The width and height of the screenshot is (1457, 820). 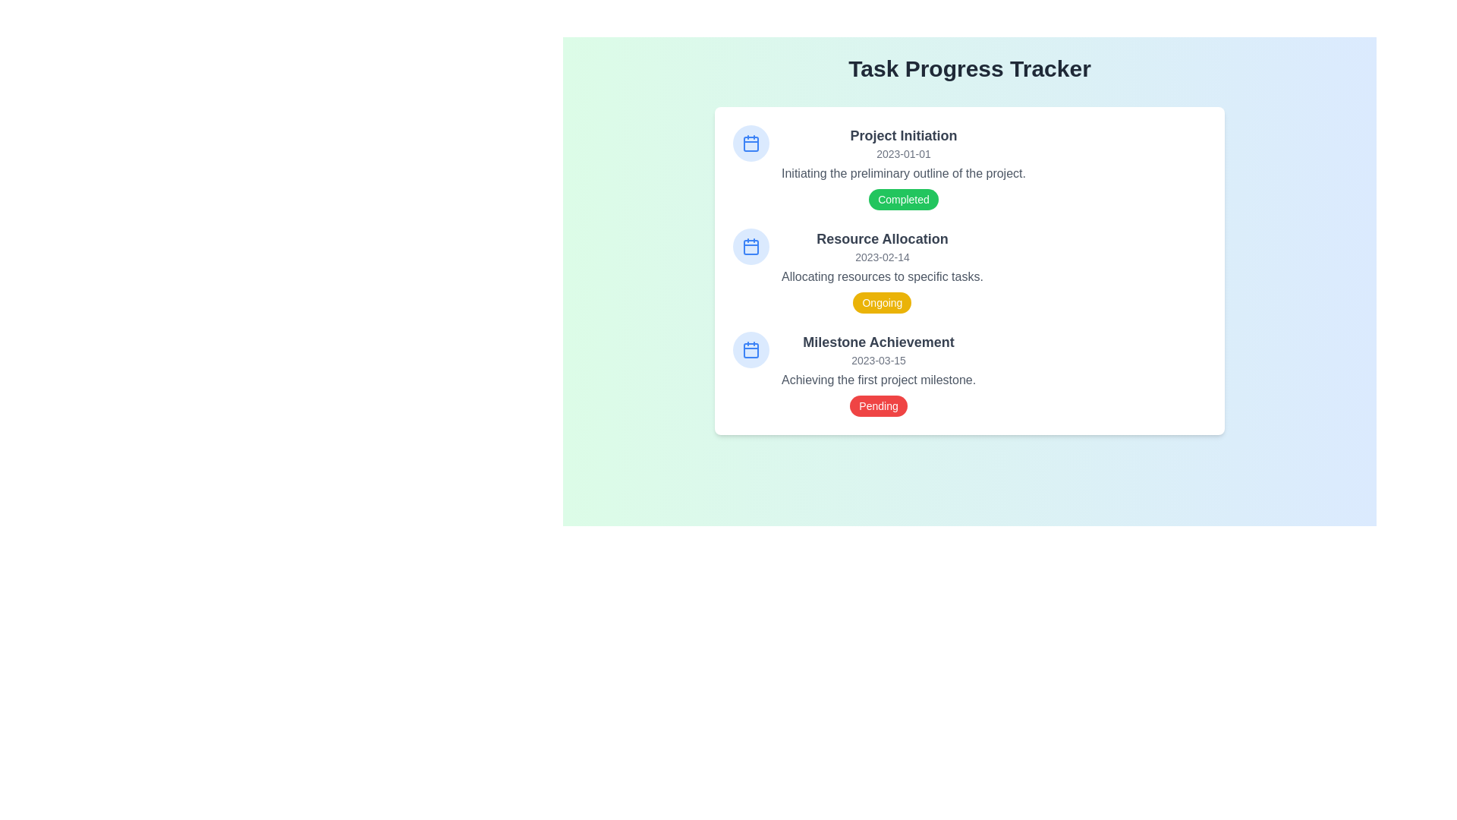 What do you see at coordinates (903, 134) in the screenshot?
I see `the text label that displays 'Project Initiation', which is styled in bold dark gray and serves as the main heading for its section` at bounding box center [903, 134].